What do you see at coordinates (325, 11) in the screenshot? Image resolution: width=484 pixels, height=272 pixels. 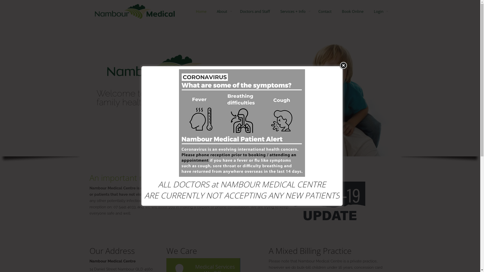 I see `'Contact'` at bounding box center [325, 11].